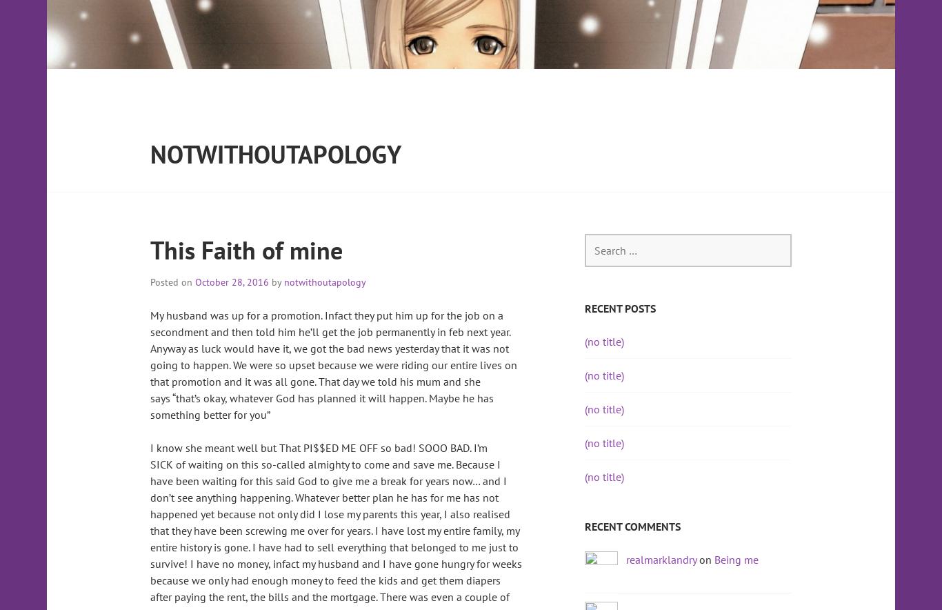 The height and width of the screenshot is (610, 942). What do you see at coordinates (661, 558) in the screenshot?
I see `'realmarklandry'` at bounding box center [661, 558].